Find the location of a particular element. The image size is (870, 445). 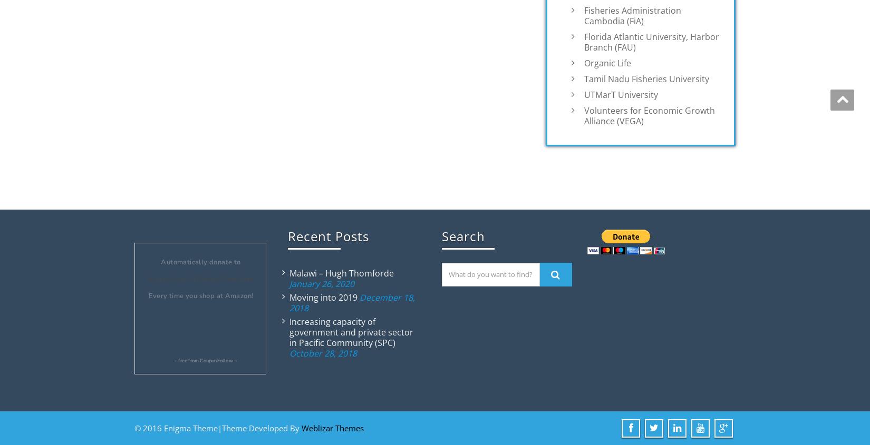

'October 28, 2018' is located at coordinates (322, 353).